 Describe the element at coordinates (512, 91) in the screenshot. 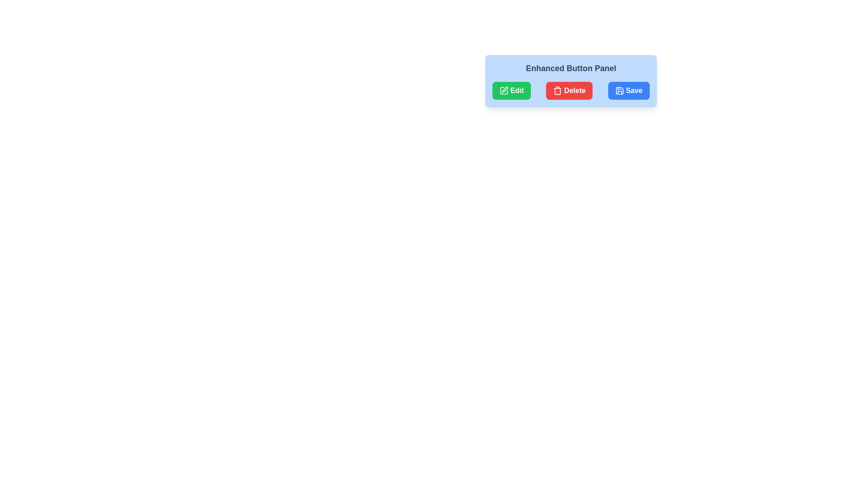

I see `the 'Edit' button with a green background and white text` at that location.